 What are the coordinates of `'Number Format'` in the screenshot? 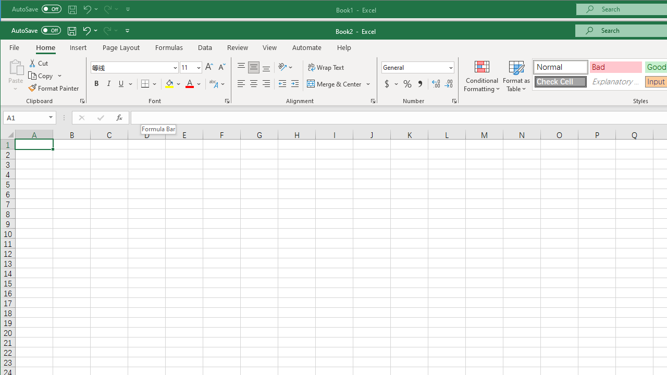 It's located at (417, 67).